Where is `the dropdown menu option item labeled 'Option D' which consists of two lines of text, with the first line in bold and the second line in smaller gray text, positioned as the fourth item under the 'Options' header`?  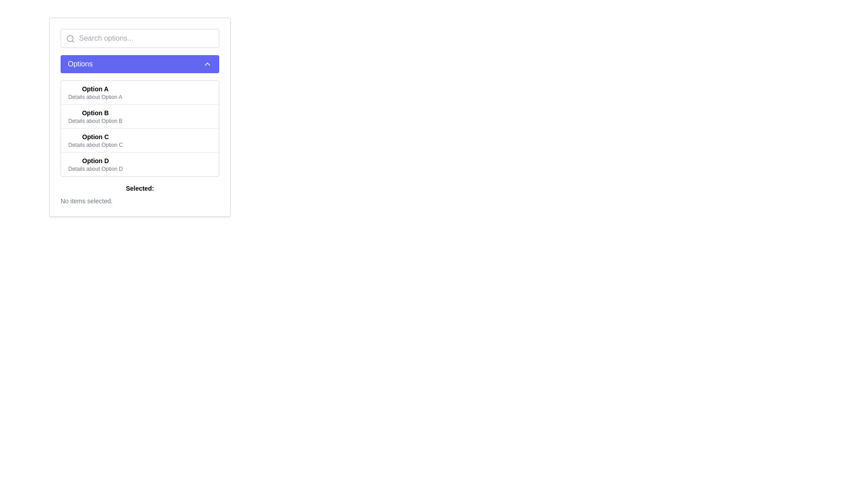 the dropdown menu option item labeled 'Option D' which consists of two lines of text, with the first line in bold and the second line in smaller gray text, positioned as the fourth item under the 'Options' header is located at coordinates (95, 164).